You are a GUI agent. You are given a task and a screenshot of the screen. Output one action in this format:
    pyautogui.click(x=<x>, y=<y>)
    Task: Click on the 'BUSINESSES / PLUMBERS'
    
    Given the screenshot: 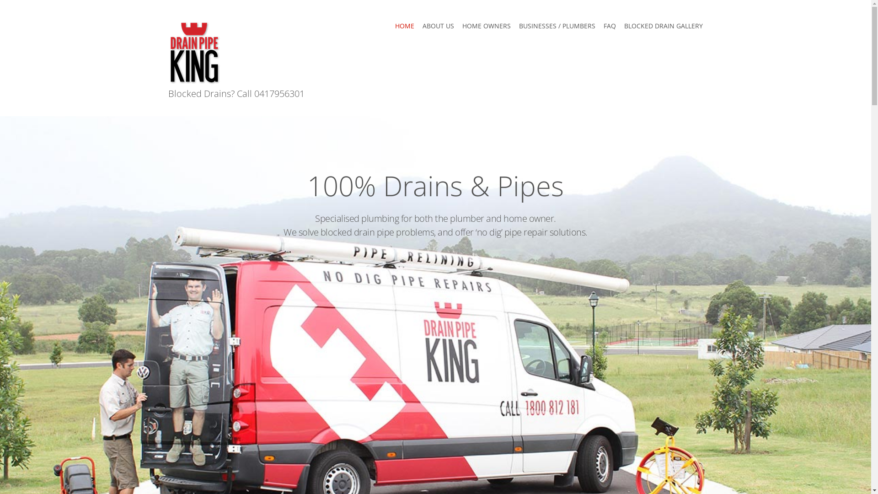 What is the action you would take?
    pyautogui.click(x=557, y=26)
    